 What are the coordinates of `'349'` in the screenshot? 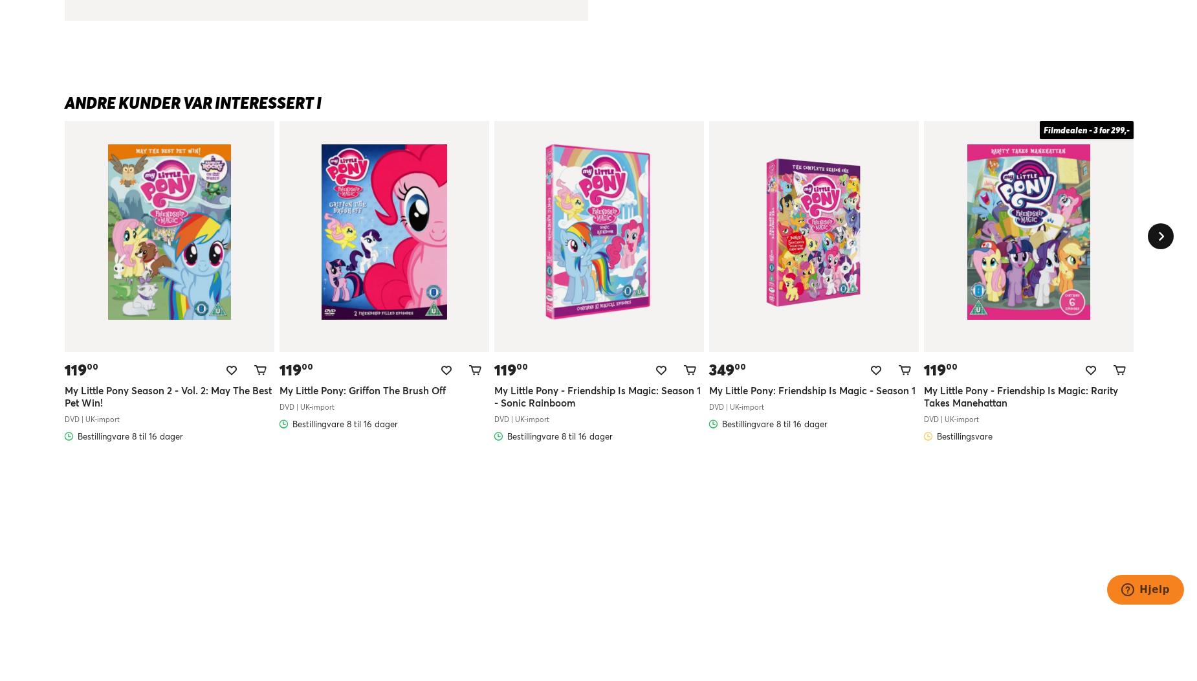 It's located at (708, 369).